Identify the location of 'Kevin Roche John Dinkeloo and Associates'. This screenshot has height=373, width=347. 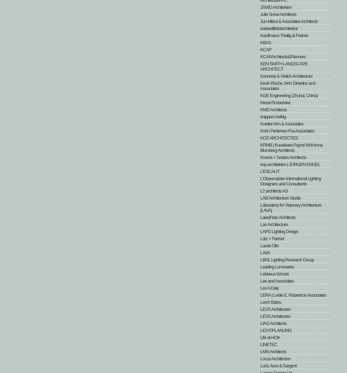
(287, 85).